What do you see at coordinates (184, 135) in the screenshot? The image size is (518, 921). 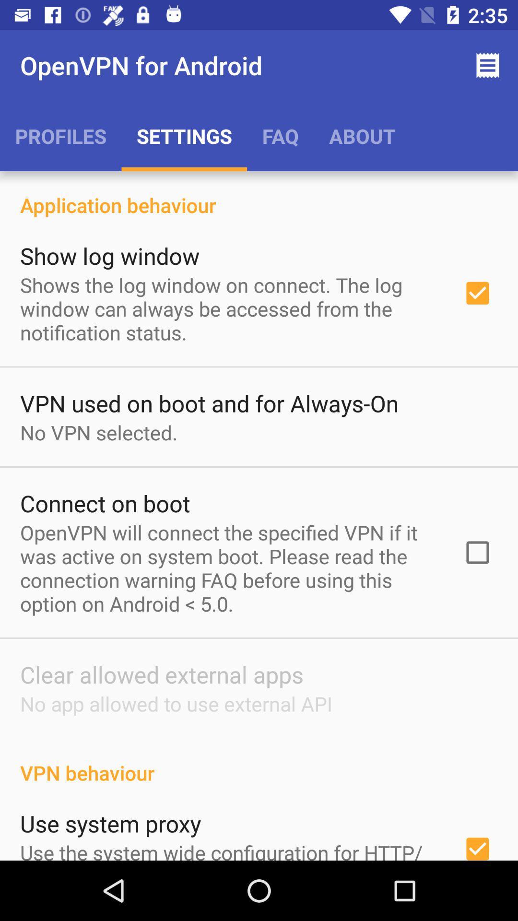 I see `the icon to the left of the faq item` at bounding box center [184, 135].